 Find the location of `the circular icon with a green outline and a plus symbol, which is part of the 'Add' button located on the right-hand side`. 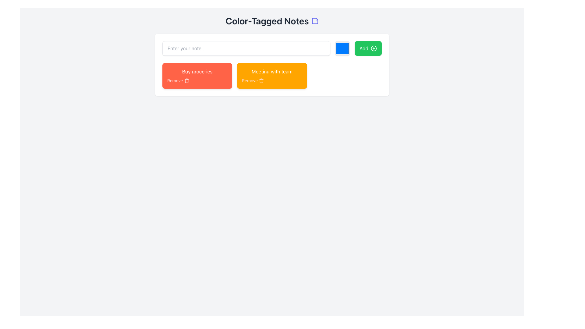

the circular icon with a green outline and a plus symbol, which is part of the 'Add' button located on the right-hand side is located at coordinates (374, 48).